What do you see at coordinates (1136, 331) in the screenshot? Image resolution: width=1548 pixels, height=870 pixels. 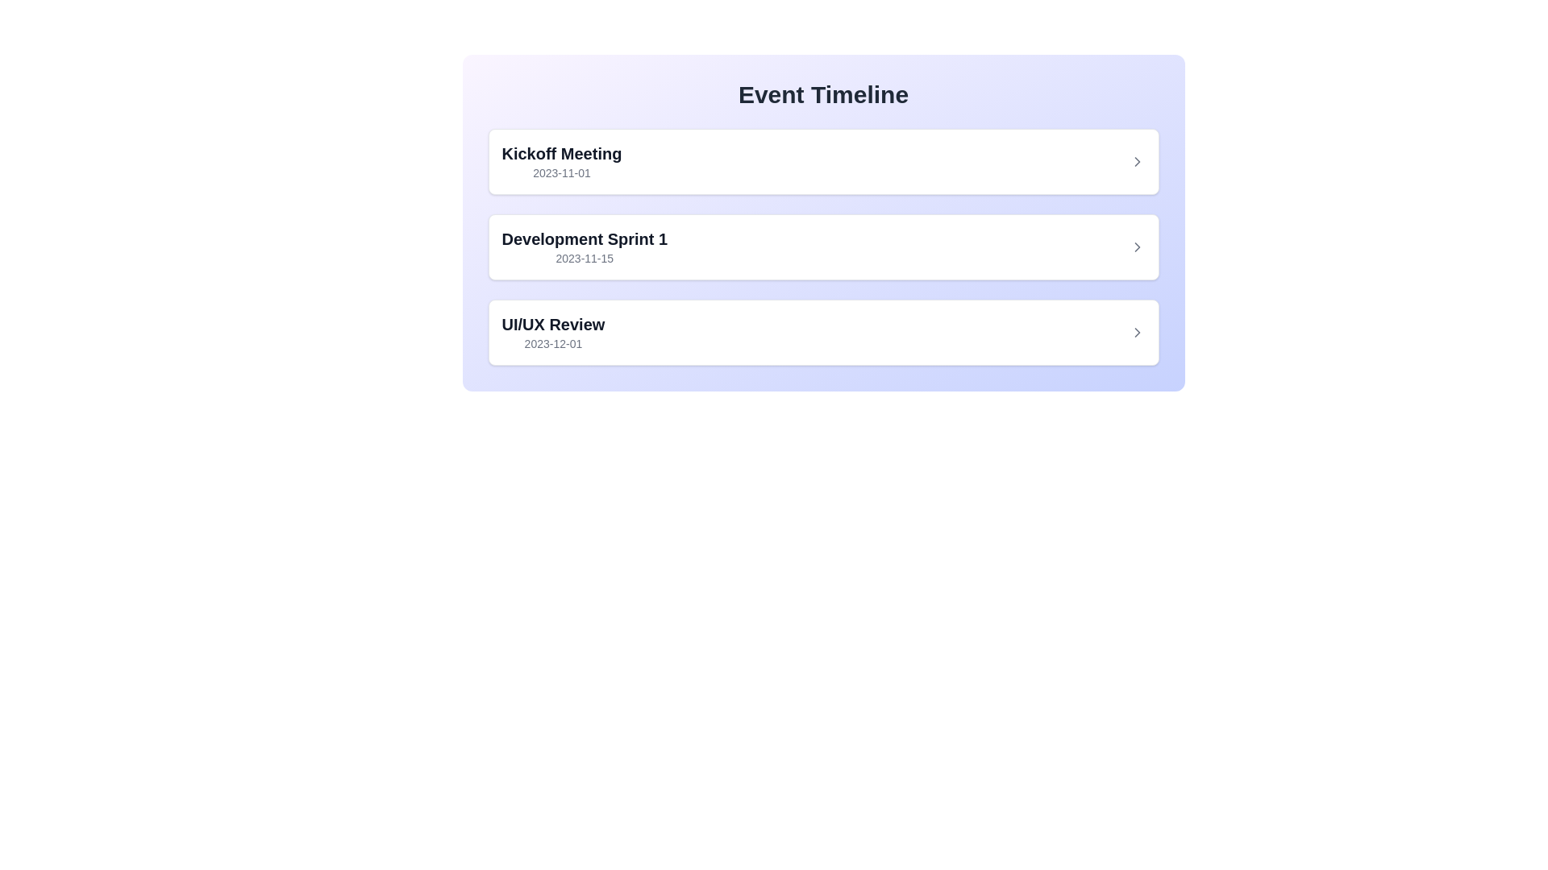 I see `the right-pointing chevron icon button, which is styled with a gray color and indicates forward navigation, positioned at the far-right side of the 'UI/UX Review' timeline entry` at bounding box center [1136, 331].